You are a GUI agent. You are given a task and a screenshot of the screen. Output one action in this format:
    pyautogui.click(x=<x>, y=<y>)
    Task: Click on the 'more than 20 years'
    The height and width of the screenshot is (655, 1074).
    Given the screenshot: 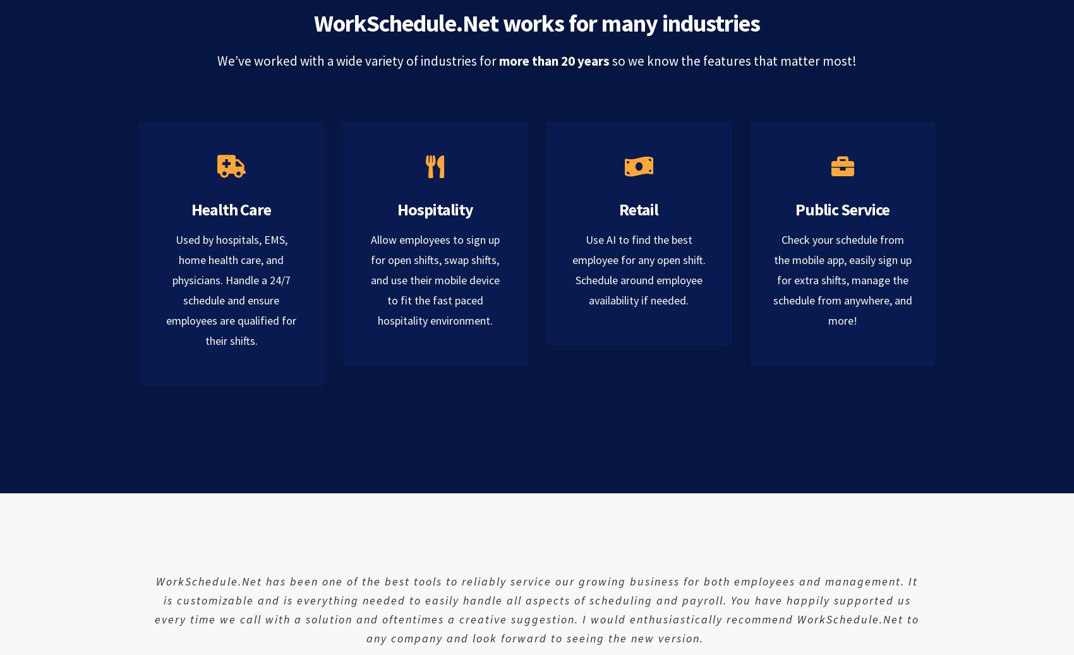 What is the action you would take?
    pyautogui.click(x=555, y=60)
    